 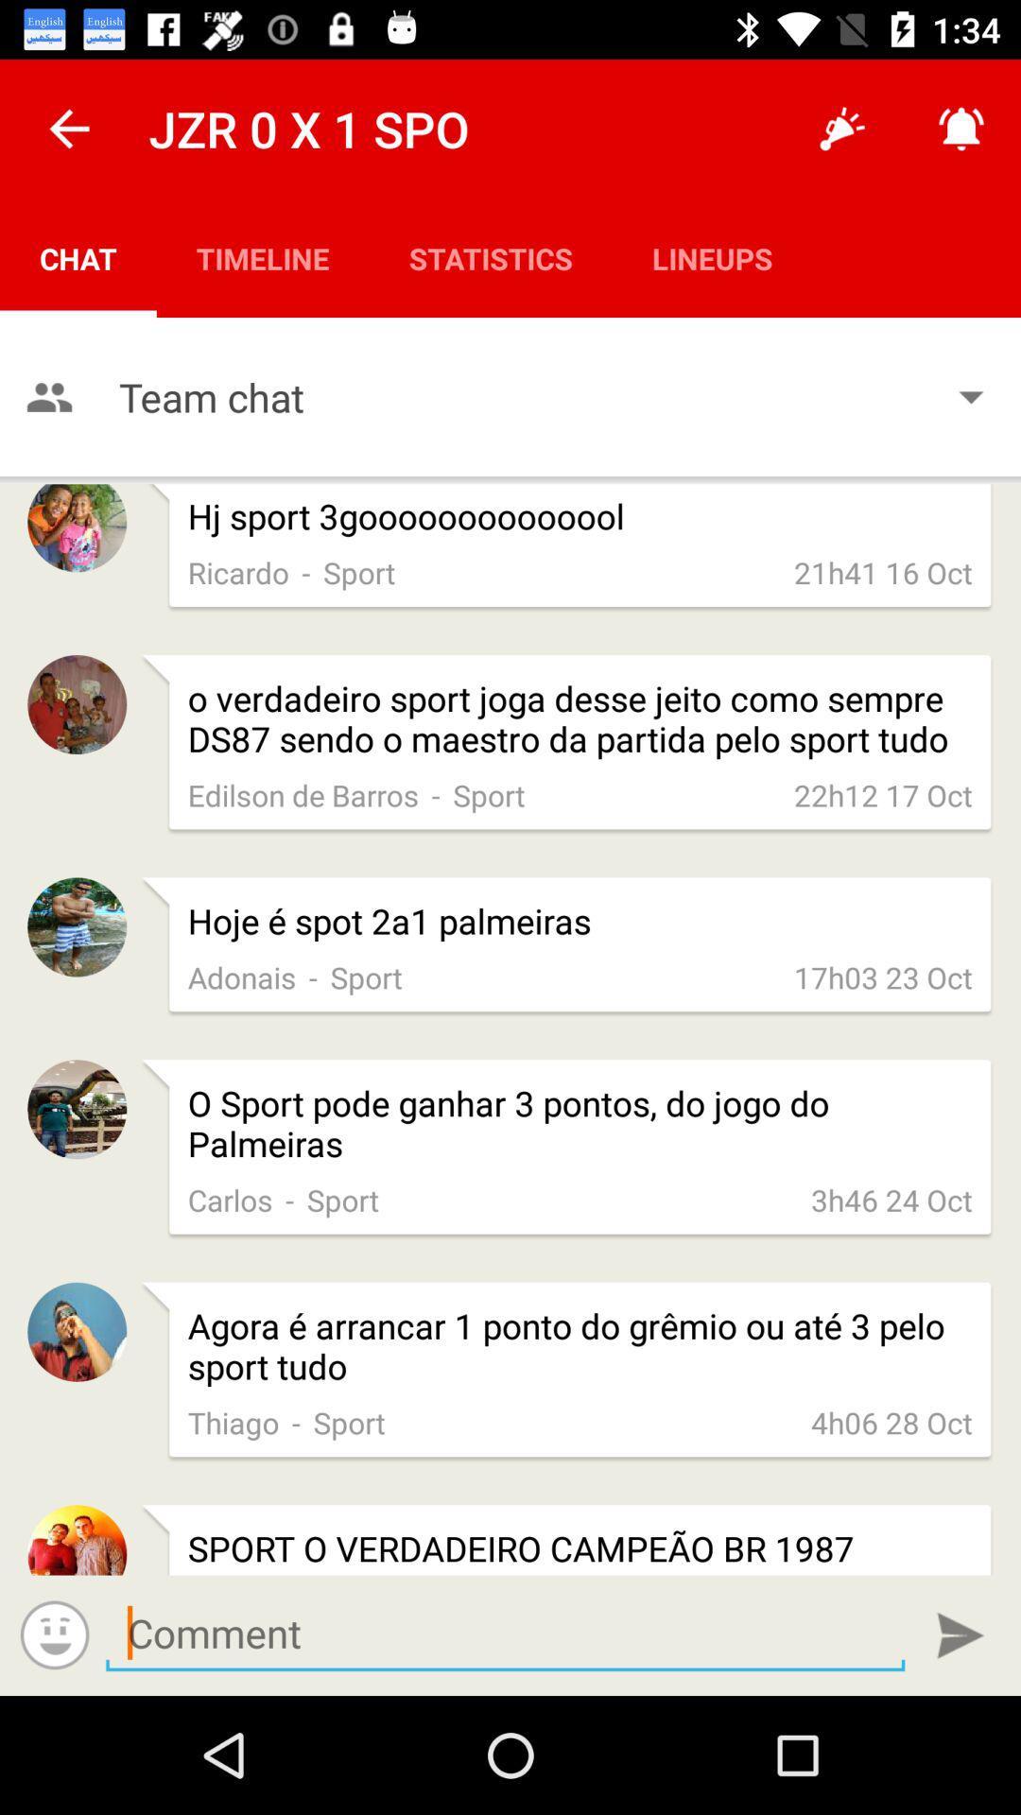 What do you see at coordinates (504, 1633) in the screenshot?
I see `next message` at bounding box center [504, 1633].